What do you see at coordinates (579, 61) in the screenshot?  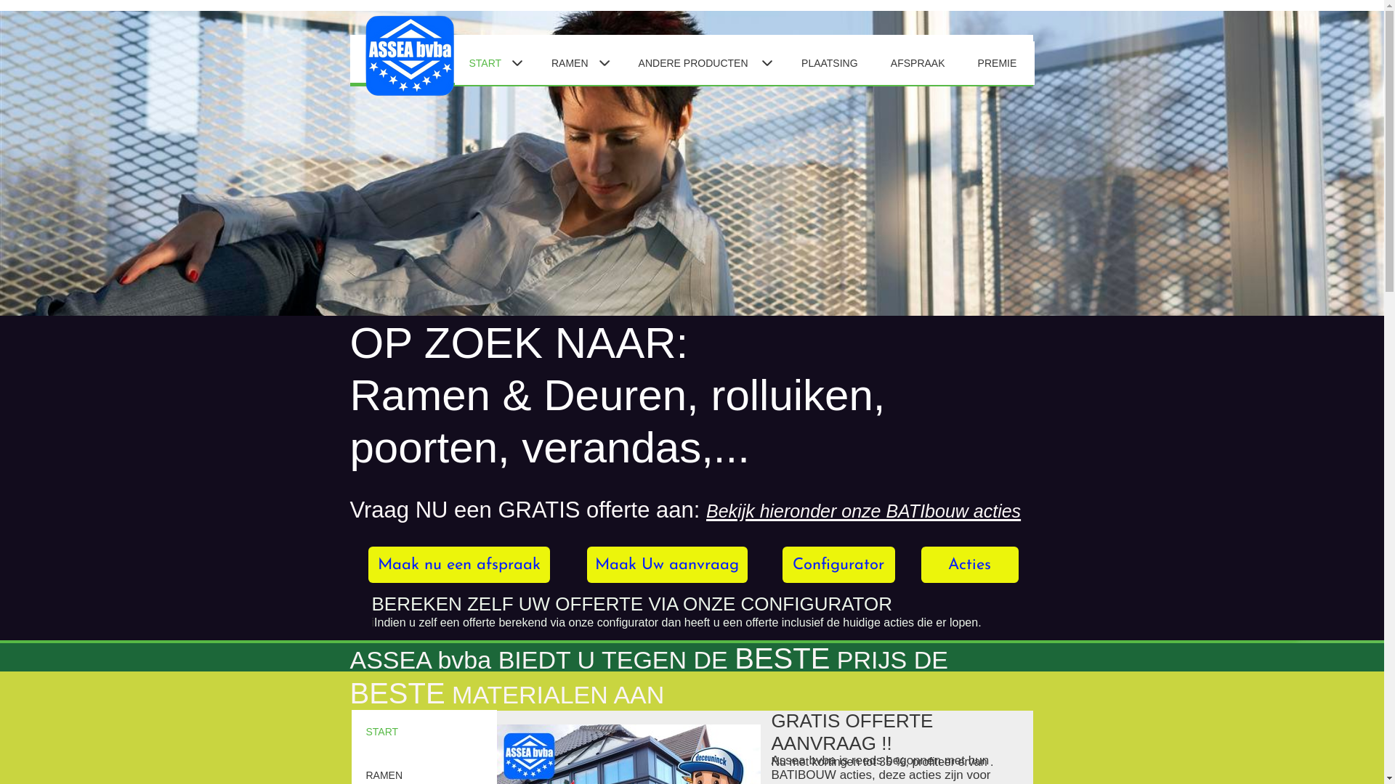 I see `'RAMEN'` at bounding box center [579, 61].